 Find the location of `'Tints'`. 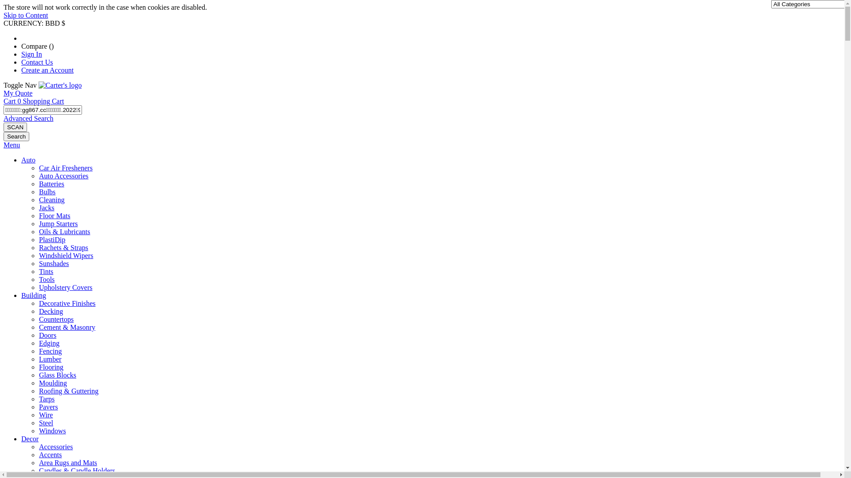

'Tints' is located at coordinates (46, 271).